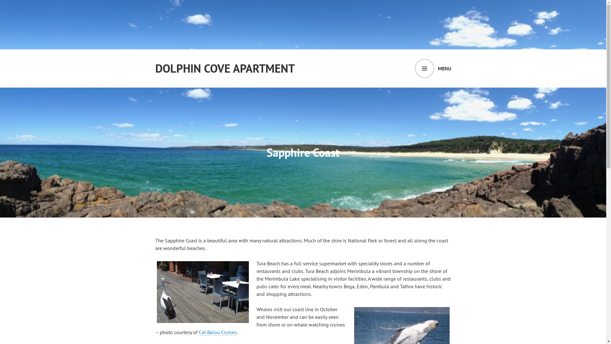  What do you see at coordinates (198, 332) in the screenshot?
I see `'Cat Balou Cruises'` at bounding box center [198, 332].